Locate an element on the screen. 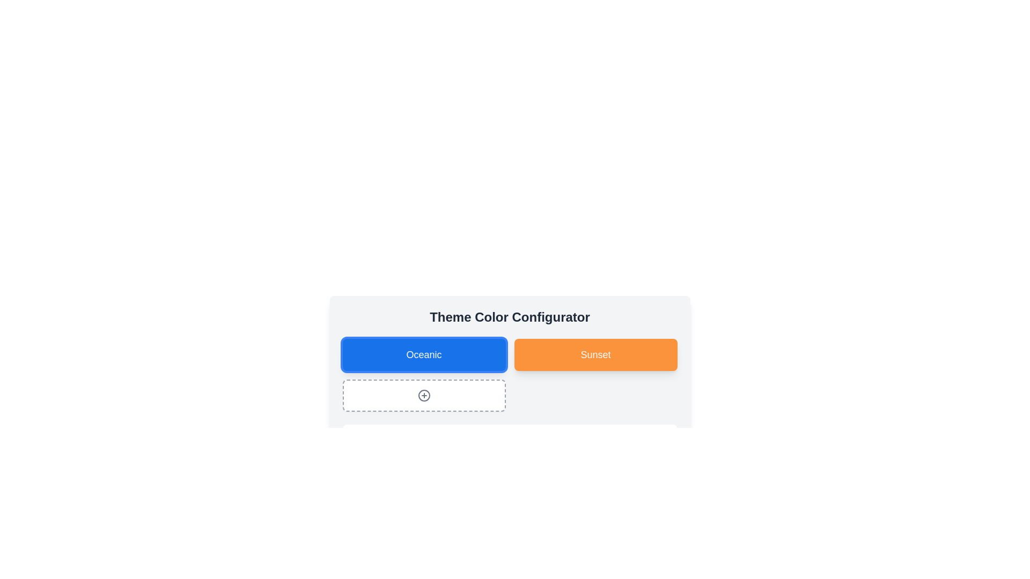 This screenshot has width=1030, height=579. the interactive button located in the bottom-left section of the two-by-two grid, directly below the 'Oceanic' section and to the left of the 'Sunset' section is located at coordinates (423, 395).